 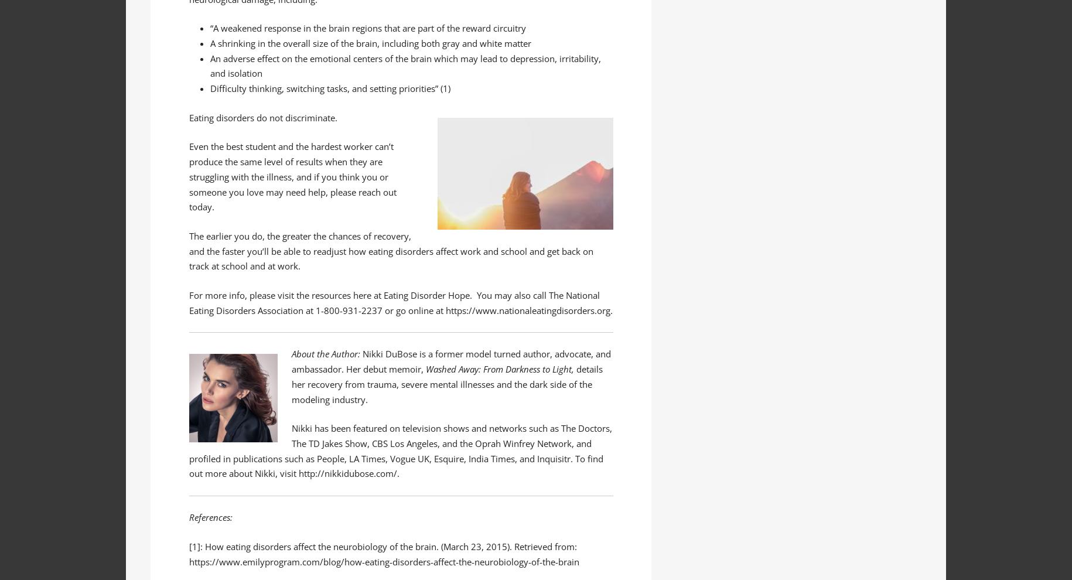 What do you see at coordinates (326, 353) in the screenshot?
I see `'About the Author:'` at bounding box center [326, 353].